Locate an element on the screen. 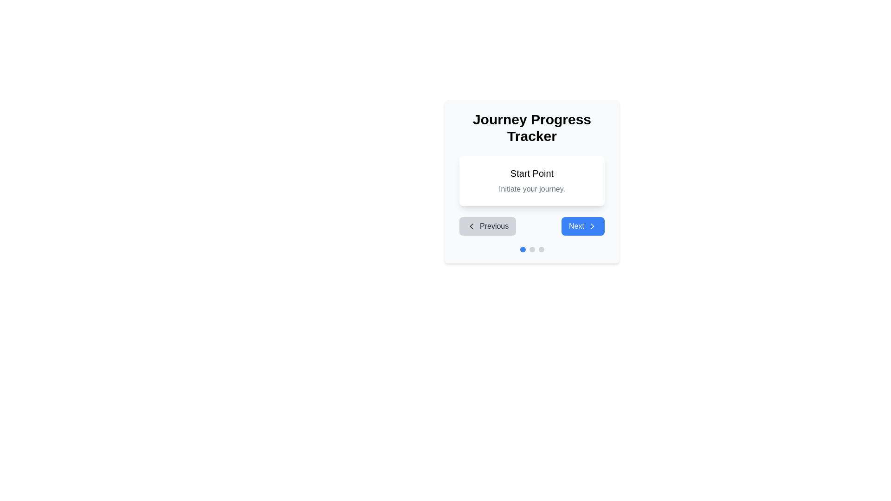  the static text heading that reads 'Journey Progress Tracker', which is styled in large, bold font and is positioned at the top of a card interface is located at coordinates (532, 128).